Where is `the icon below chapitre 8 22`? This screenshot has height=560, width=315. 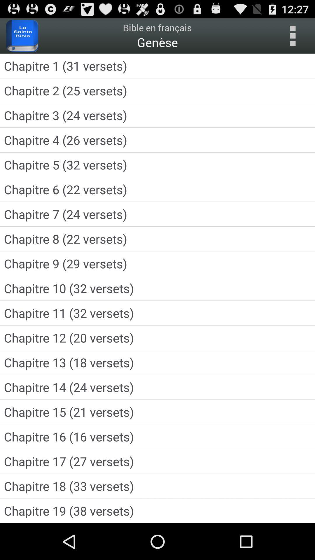
the icon below chapitre 8 22 is located at coordinates (157, 263).